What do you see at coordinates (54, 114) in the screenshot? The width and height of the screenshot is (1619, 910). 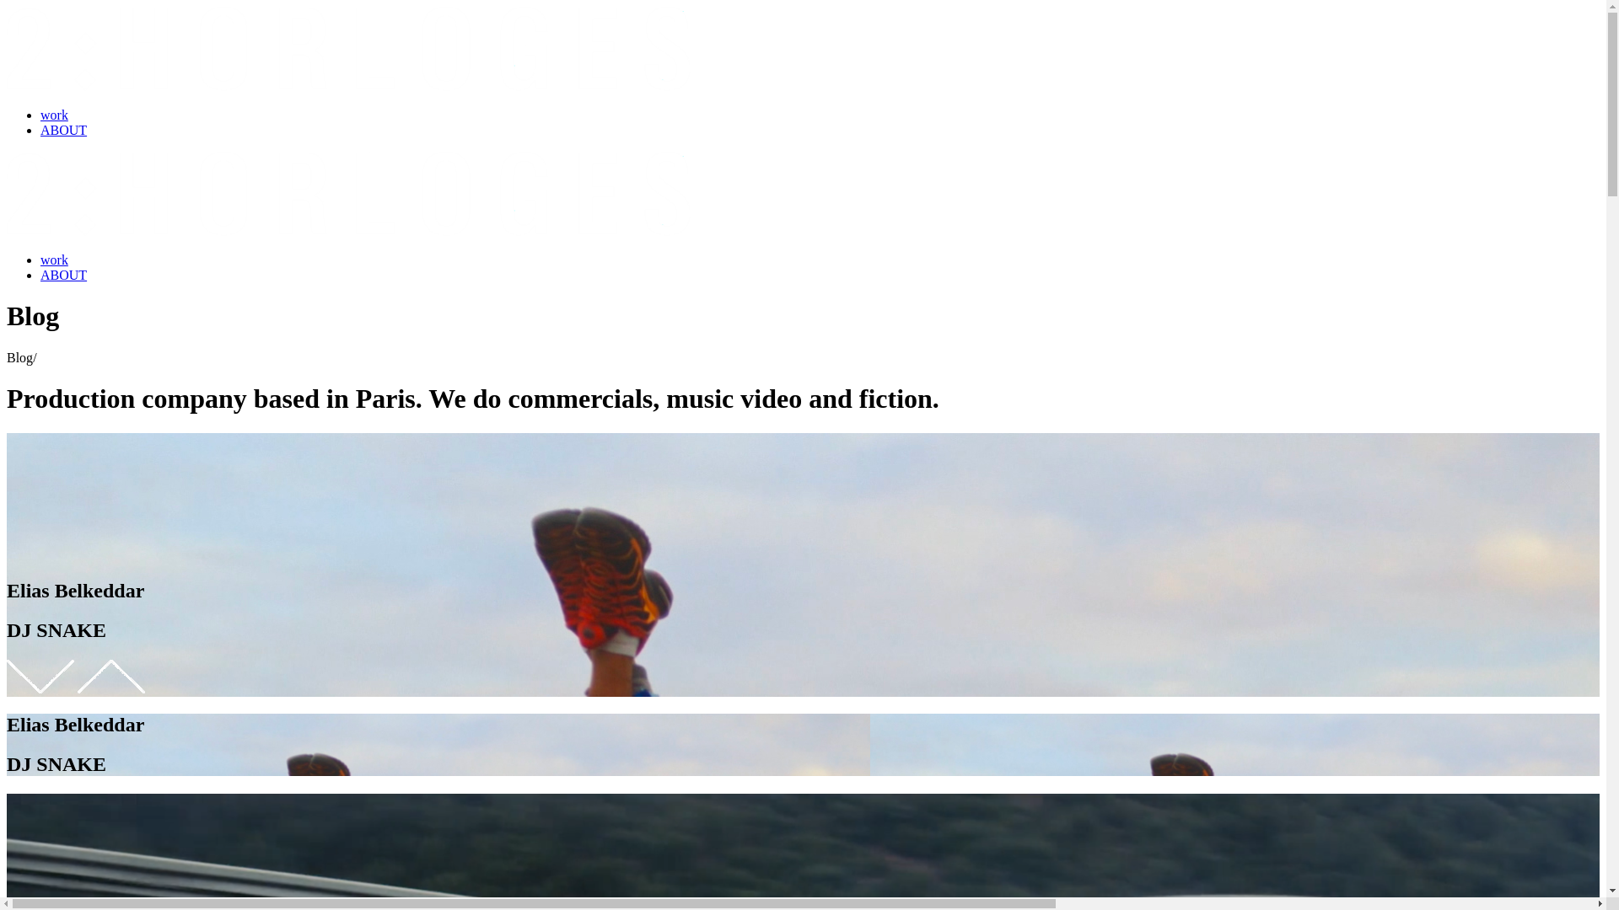 I see `'work'` at bounding box center [54, 114].